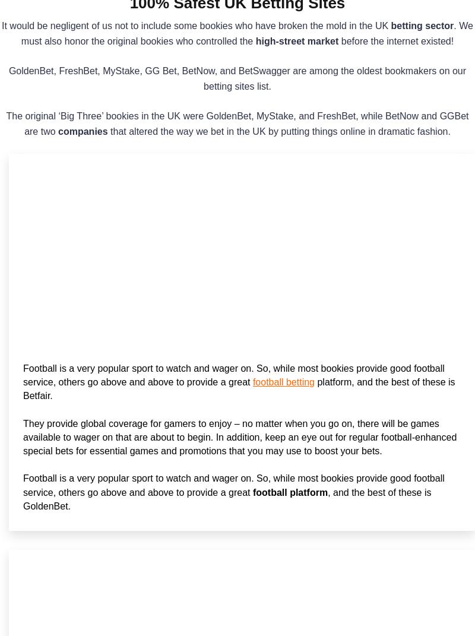 Image resolution: width=475 pixels, height=636 pixels. What do you see at coordinates (240, 436) in the screenshot?
I see `'They provide global coverage for gamers to enjoy – no matter when you go on, there will be games available to wager on that are about to begin. In addition, keep an eye out for regular football-enhanced special bets for essential games and promotions that you may use to boost your bets.'` at bounding box center [240, 436].